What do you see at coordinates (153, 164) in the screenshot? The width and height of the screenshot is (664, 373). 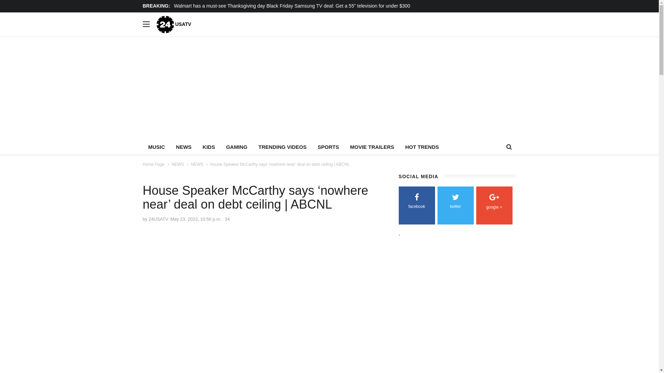 I see `'Home Page'` at bounding box center [153, 164].